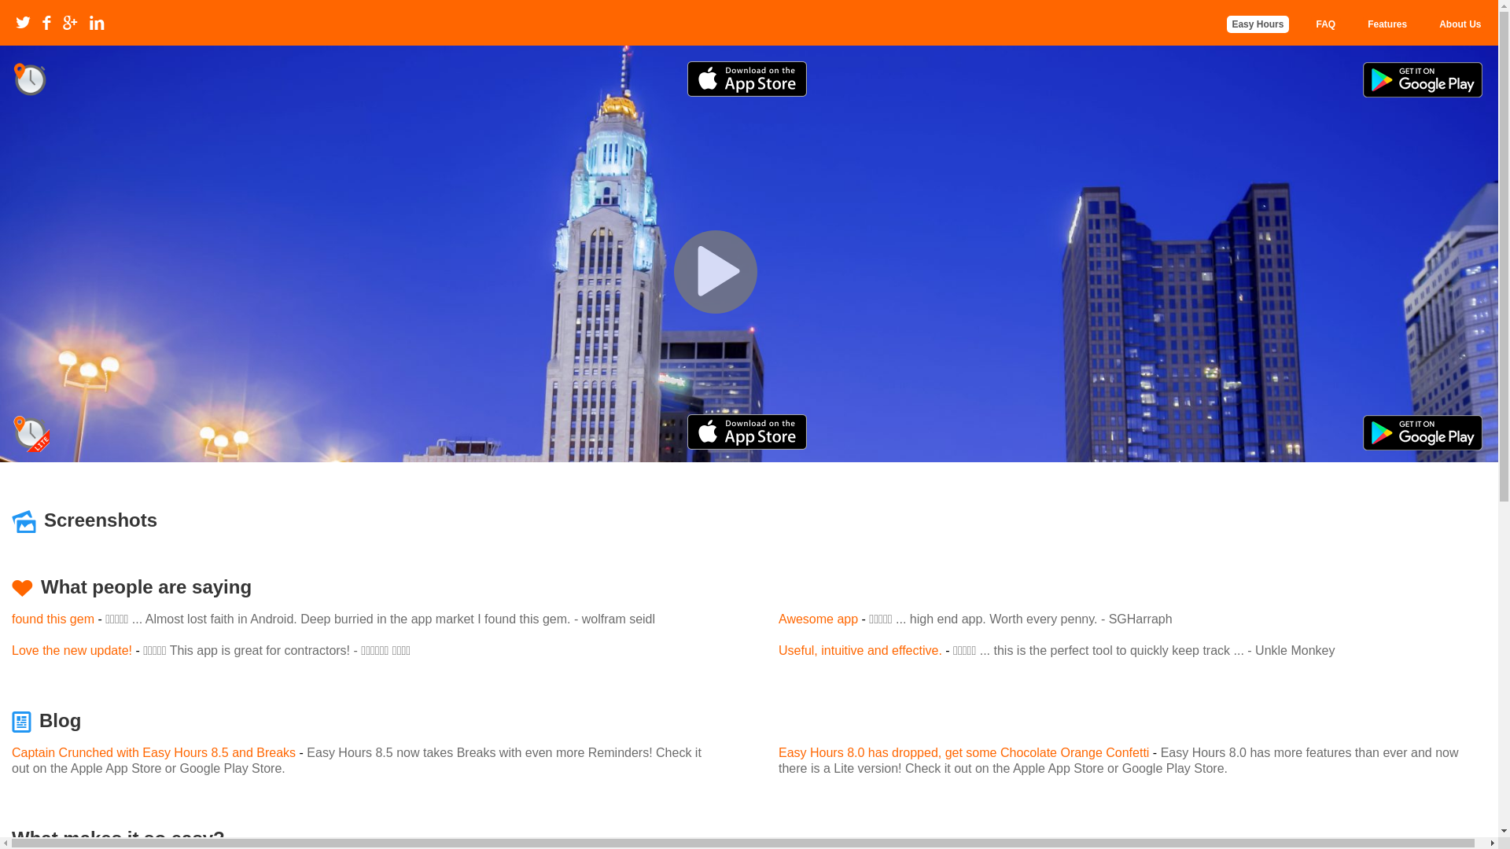  I want to click on 'Easy Hours', so click(1256, 24).